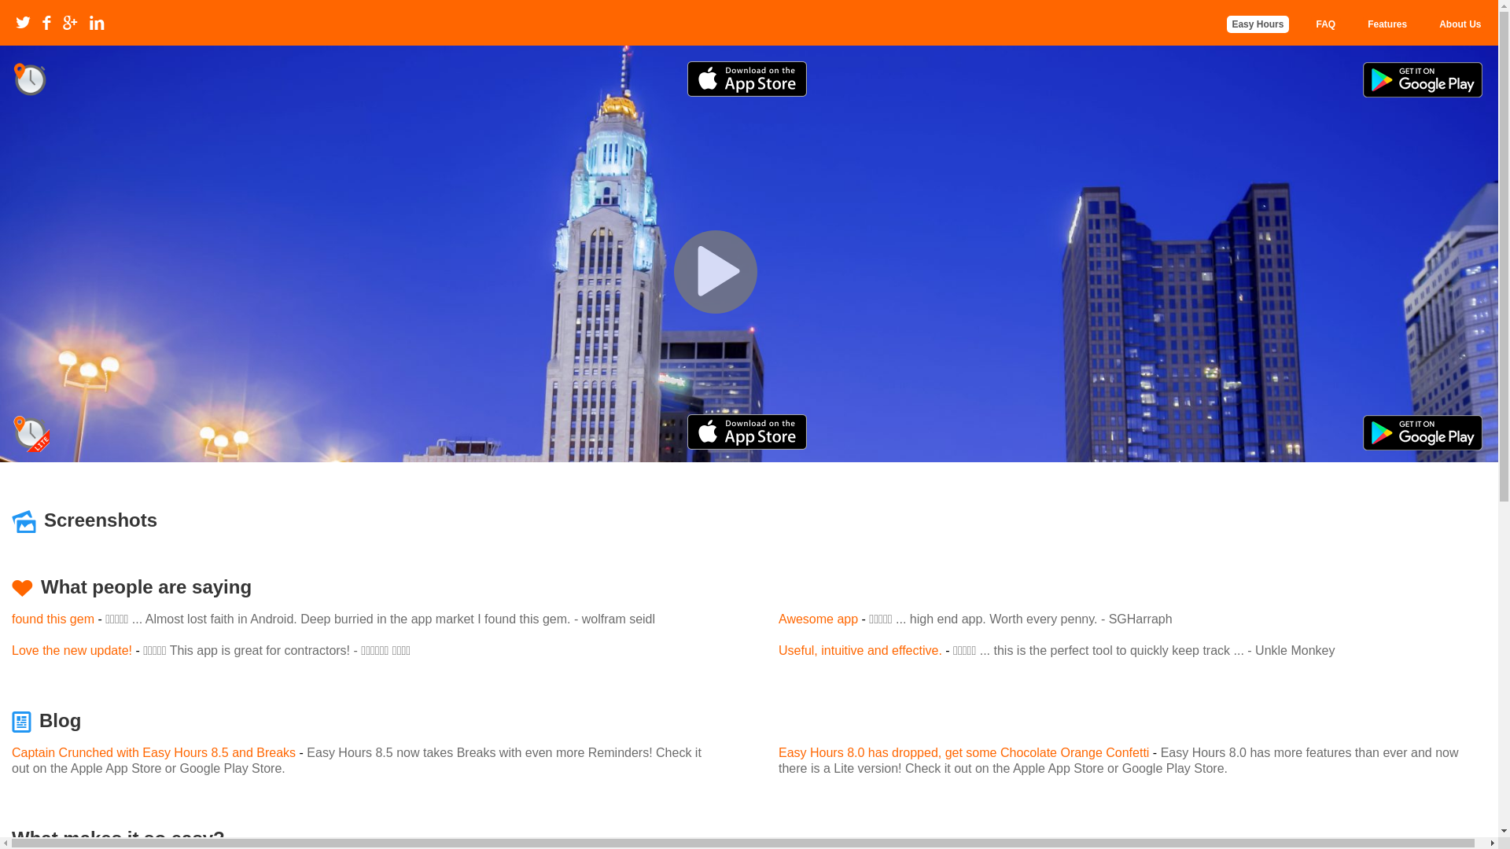  I want to click on 'Easy Hours', so click(1256, 24).